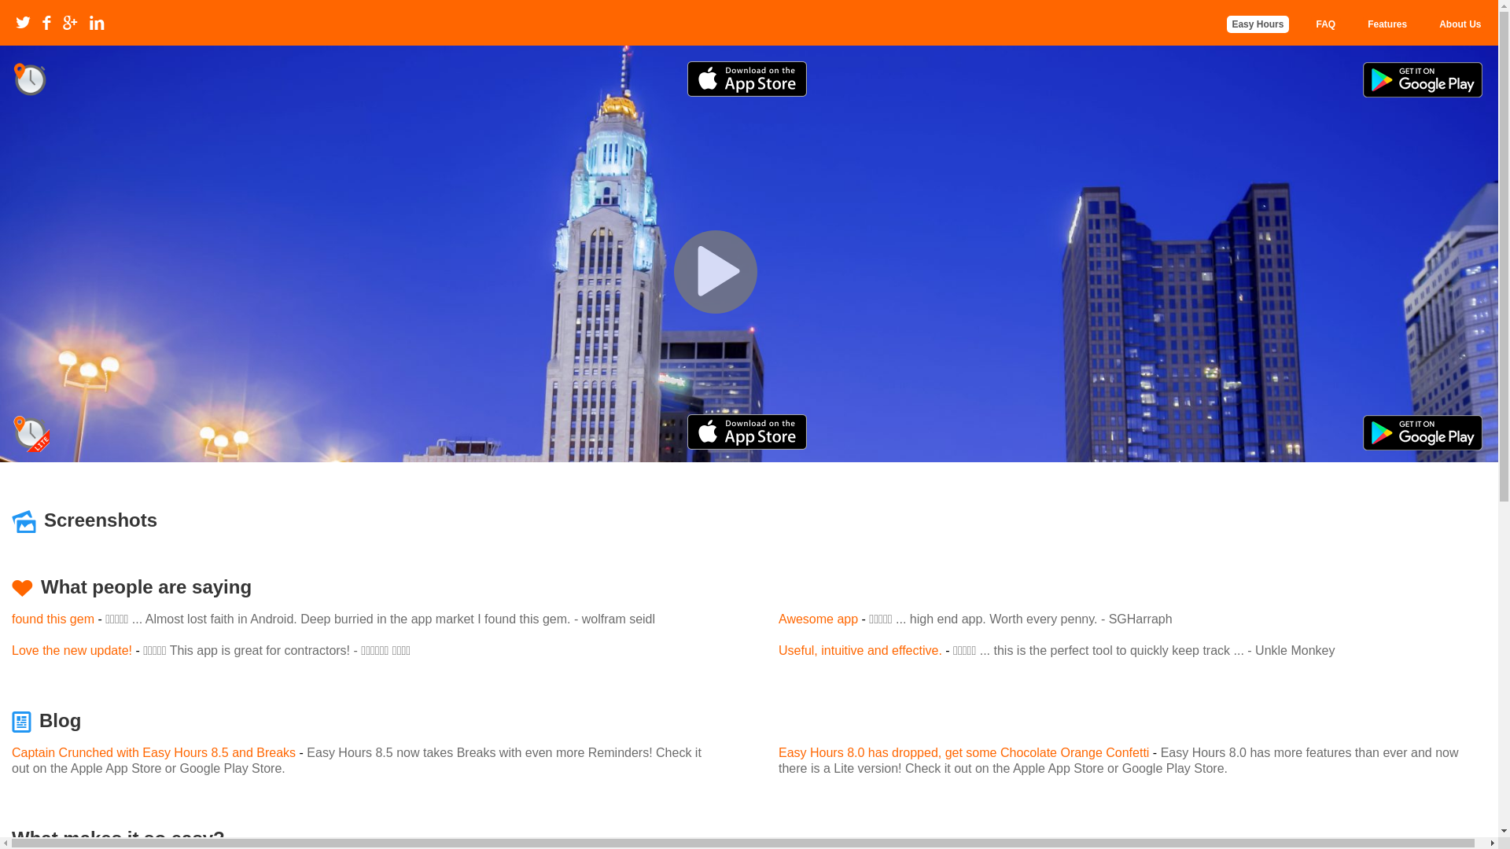  I want to click on 'Easy Hours', so click(1256, 24).